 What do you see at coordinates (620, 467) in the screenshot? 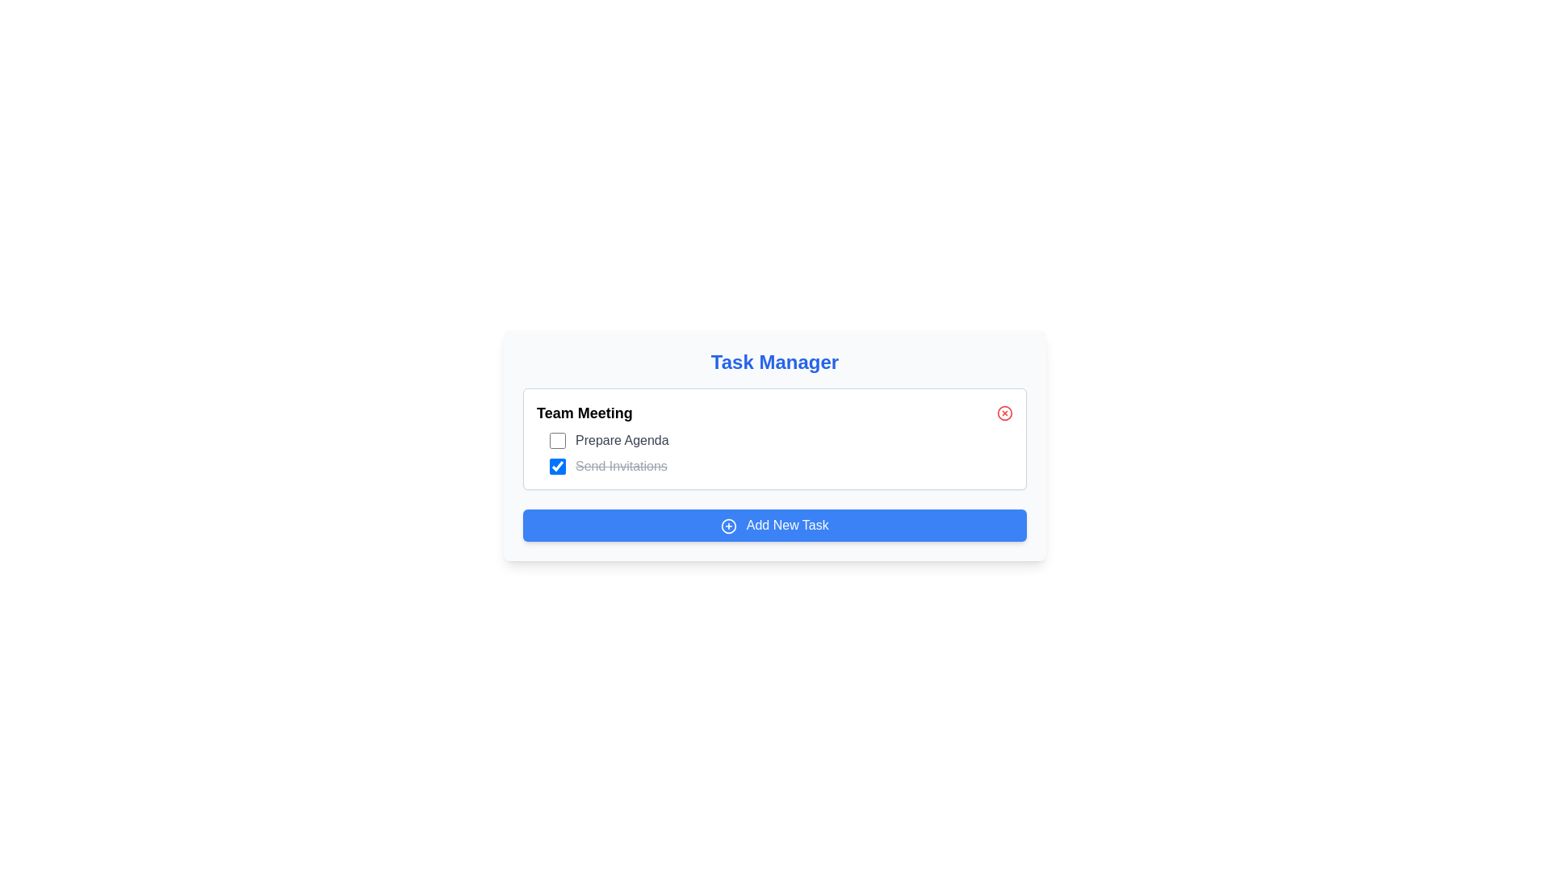
I see `the Text label indicating the completed status of the task 'Send Invitations', which is the second task in the list under the title 'Team Meeting'` at bounding box center [620, 467].